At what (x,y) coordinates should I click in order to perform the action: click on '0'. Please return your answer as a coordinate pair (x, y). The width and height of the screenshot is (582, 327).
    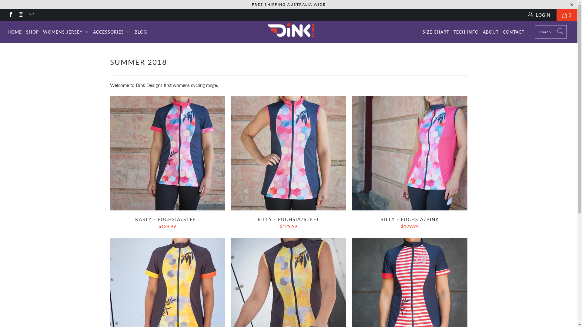
    Looking at the image, I should click on (567, 15).